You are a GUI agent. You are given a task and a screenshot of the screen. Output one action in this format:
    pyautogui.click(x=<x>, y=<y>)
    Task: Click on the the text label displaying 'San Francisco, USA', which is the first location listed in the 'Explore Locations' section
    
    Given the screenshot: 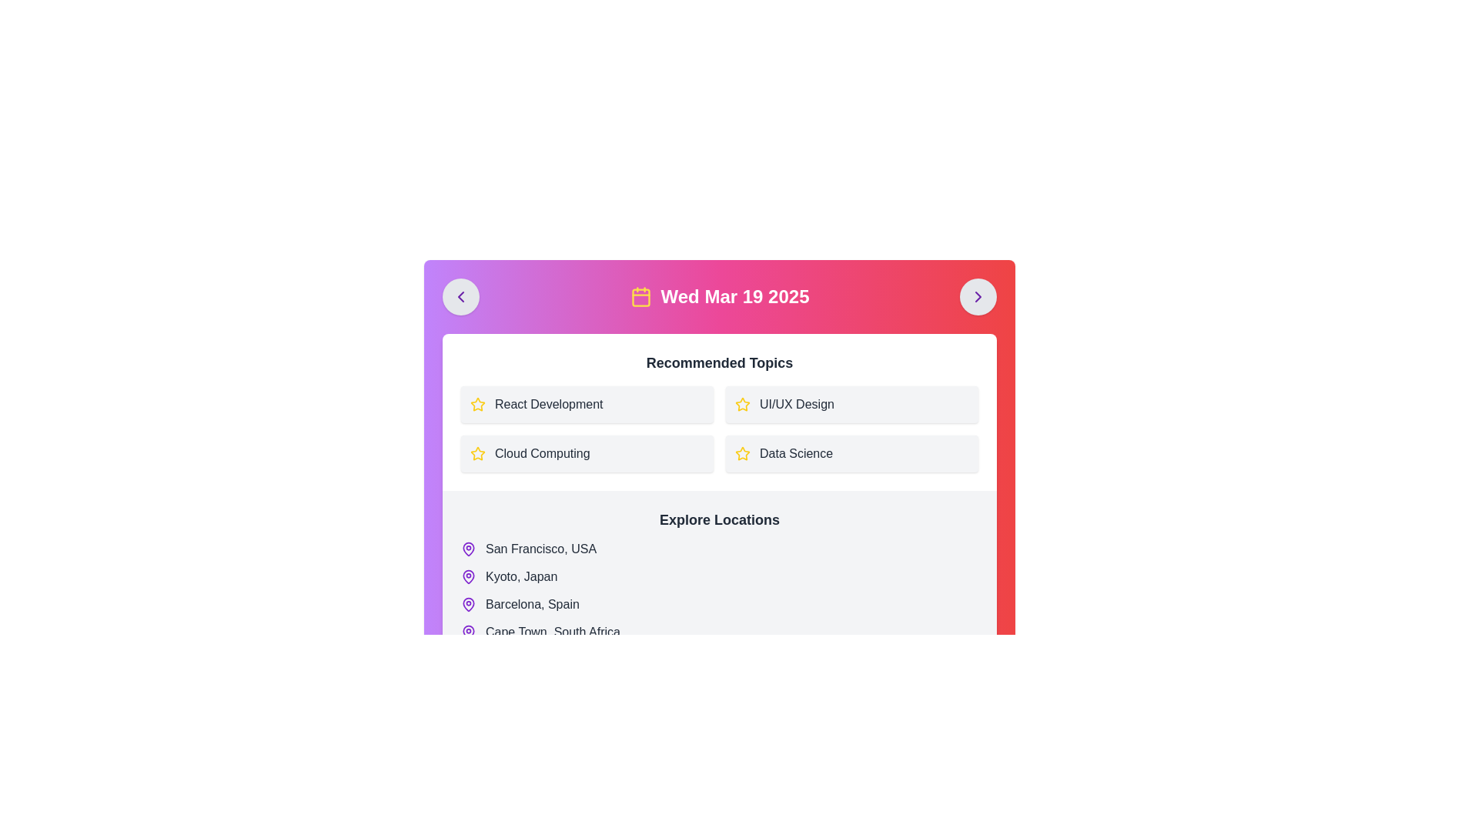 What is the action you would take?
    pyautogui.click(x=541, y=548)
    